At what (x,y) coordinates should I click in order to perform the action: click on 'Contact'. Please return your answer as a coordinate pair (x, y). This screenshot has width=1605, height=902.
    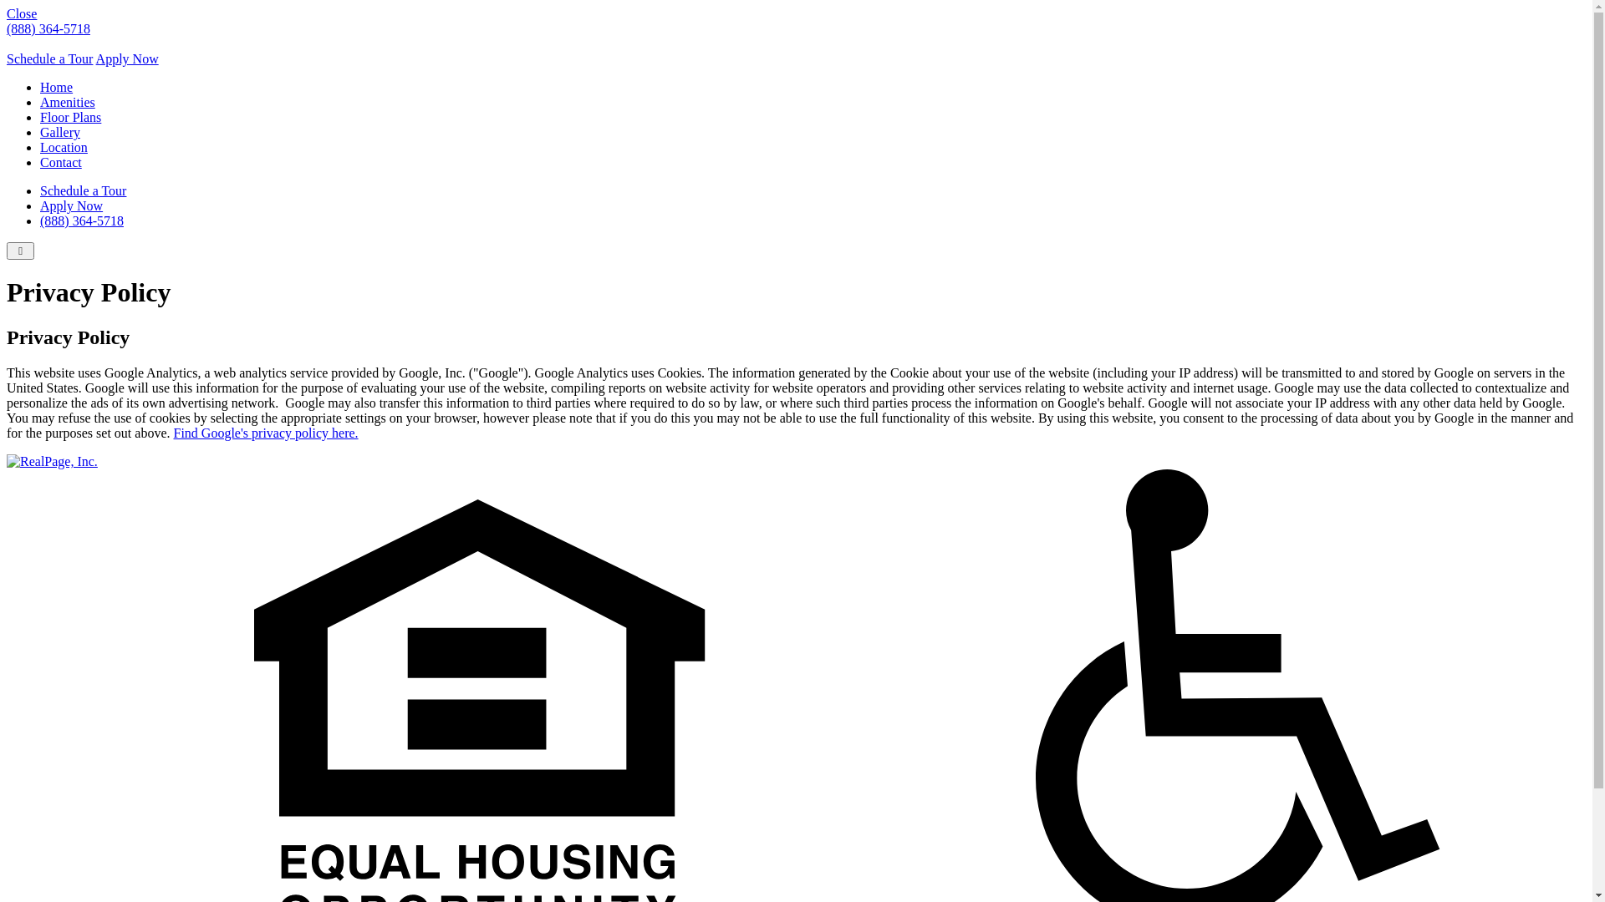
    Looking at the image, I should click on (60, 162).